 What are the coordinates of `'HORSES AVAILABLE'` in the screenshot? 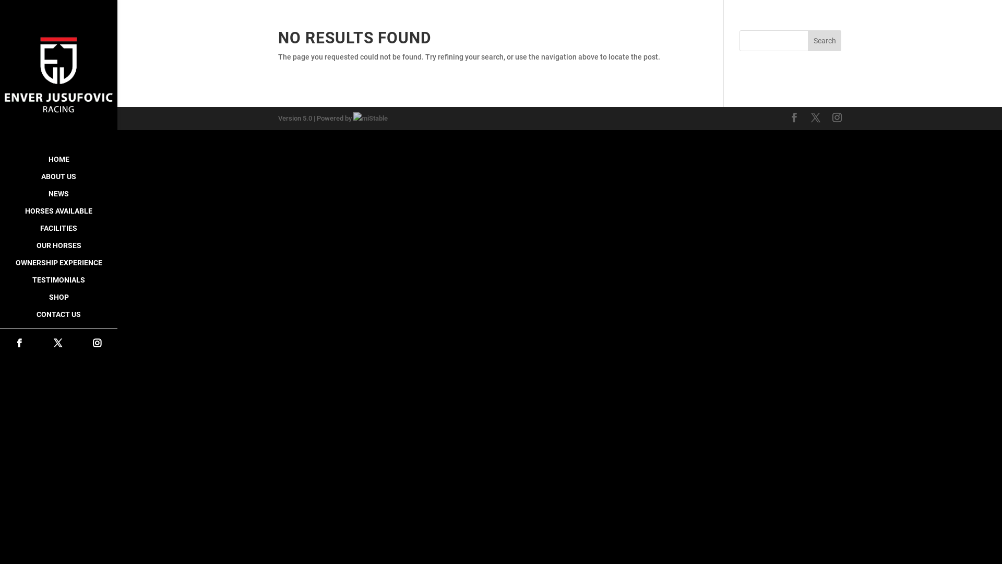 It's located at (58, 215).